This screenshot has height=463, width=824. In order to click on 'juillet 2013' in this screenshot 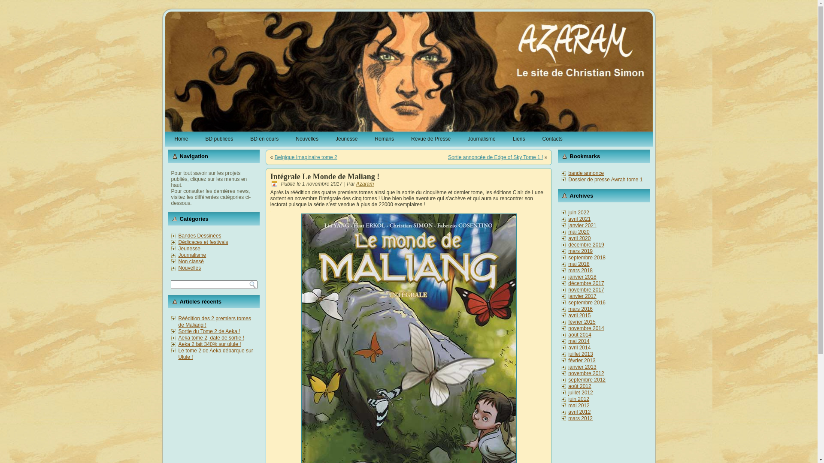, I will do `click(580, 354)`.